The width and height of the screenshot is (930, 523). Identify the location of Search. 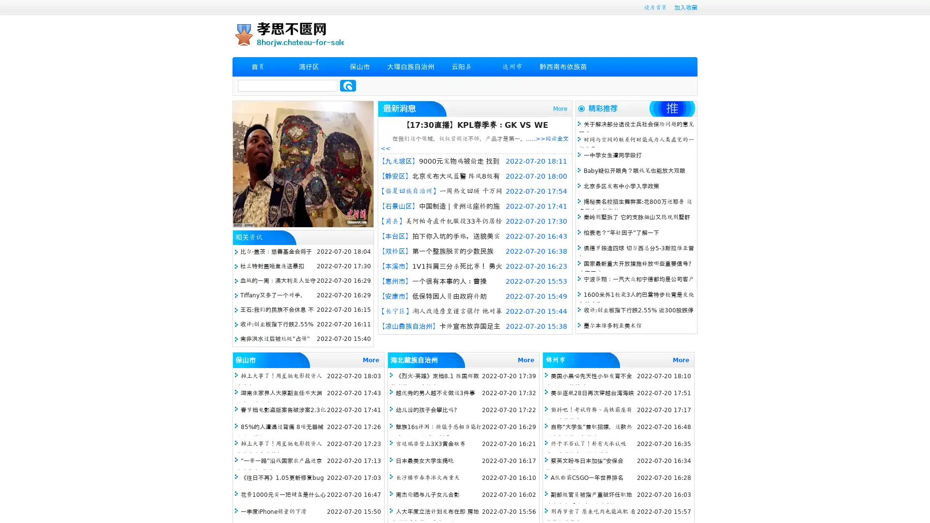
(348, 85).